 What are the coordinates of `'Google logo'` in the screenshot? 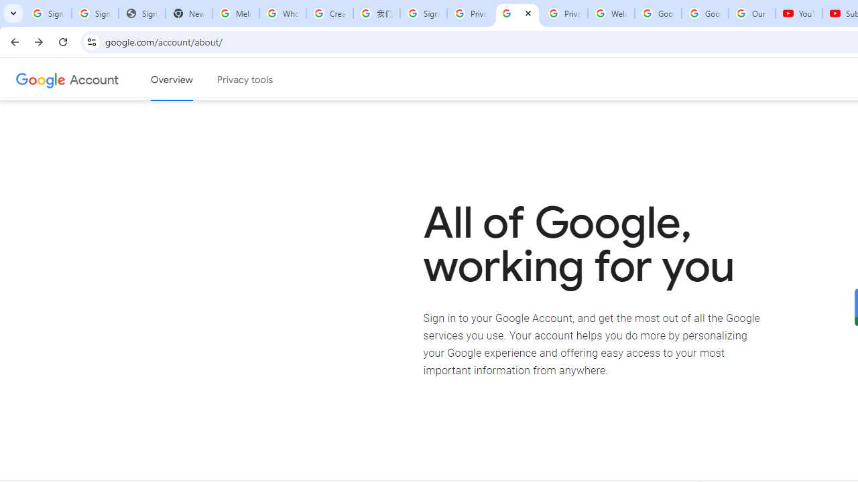 It's located at (41, 79).